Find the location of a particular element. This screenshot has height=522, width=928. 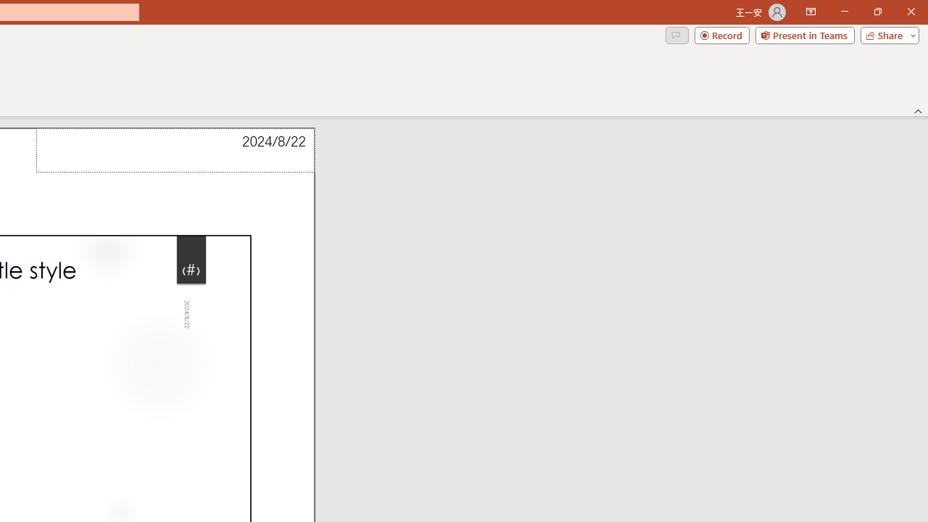

'Date' is located at coordinates (175, 150).